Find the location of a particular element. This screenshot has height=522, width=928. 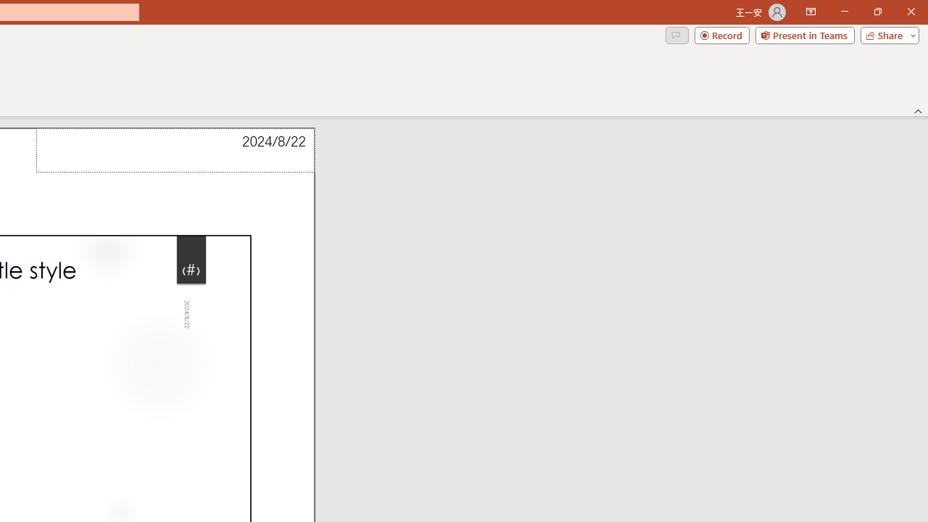

'Date' is located at coordinates (175, 150).